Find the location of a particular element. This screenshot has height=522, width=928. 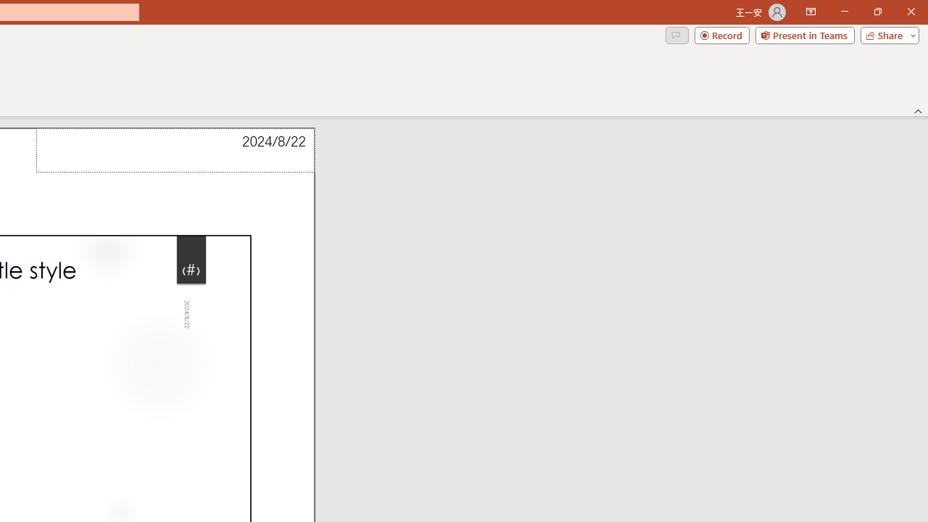

'Date' is located at coordinates (175, 150).